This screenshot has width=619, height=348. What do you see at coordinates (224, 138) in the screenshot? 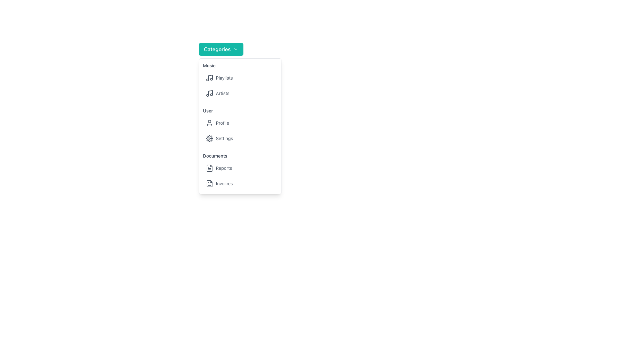
I see `the 'Settings' text label located in the vertical menu under the 'User' section, which is the second item below 'Profile'` at bounding box center [224, 138].